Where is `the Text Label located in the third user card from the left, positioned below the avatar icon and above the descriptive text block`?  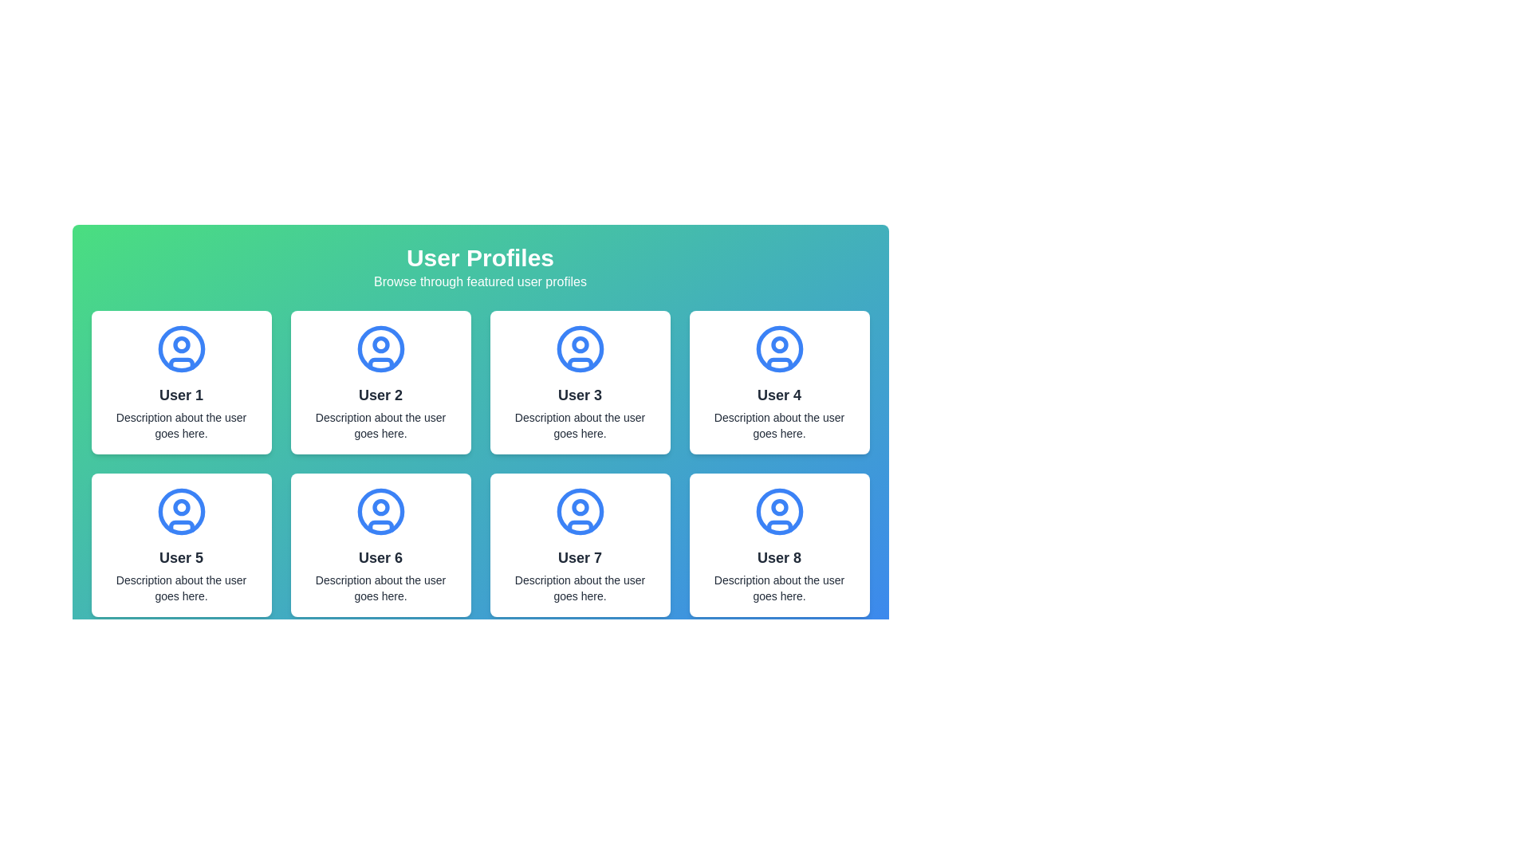
the Text Label located in the third user card from the left, positioned below the avatar icon and above the descriptive text block is located at coordinates (579, 395).